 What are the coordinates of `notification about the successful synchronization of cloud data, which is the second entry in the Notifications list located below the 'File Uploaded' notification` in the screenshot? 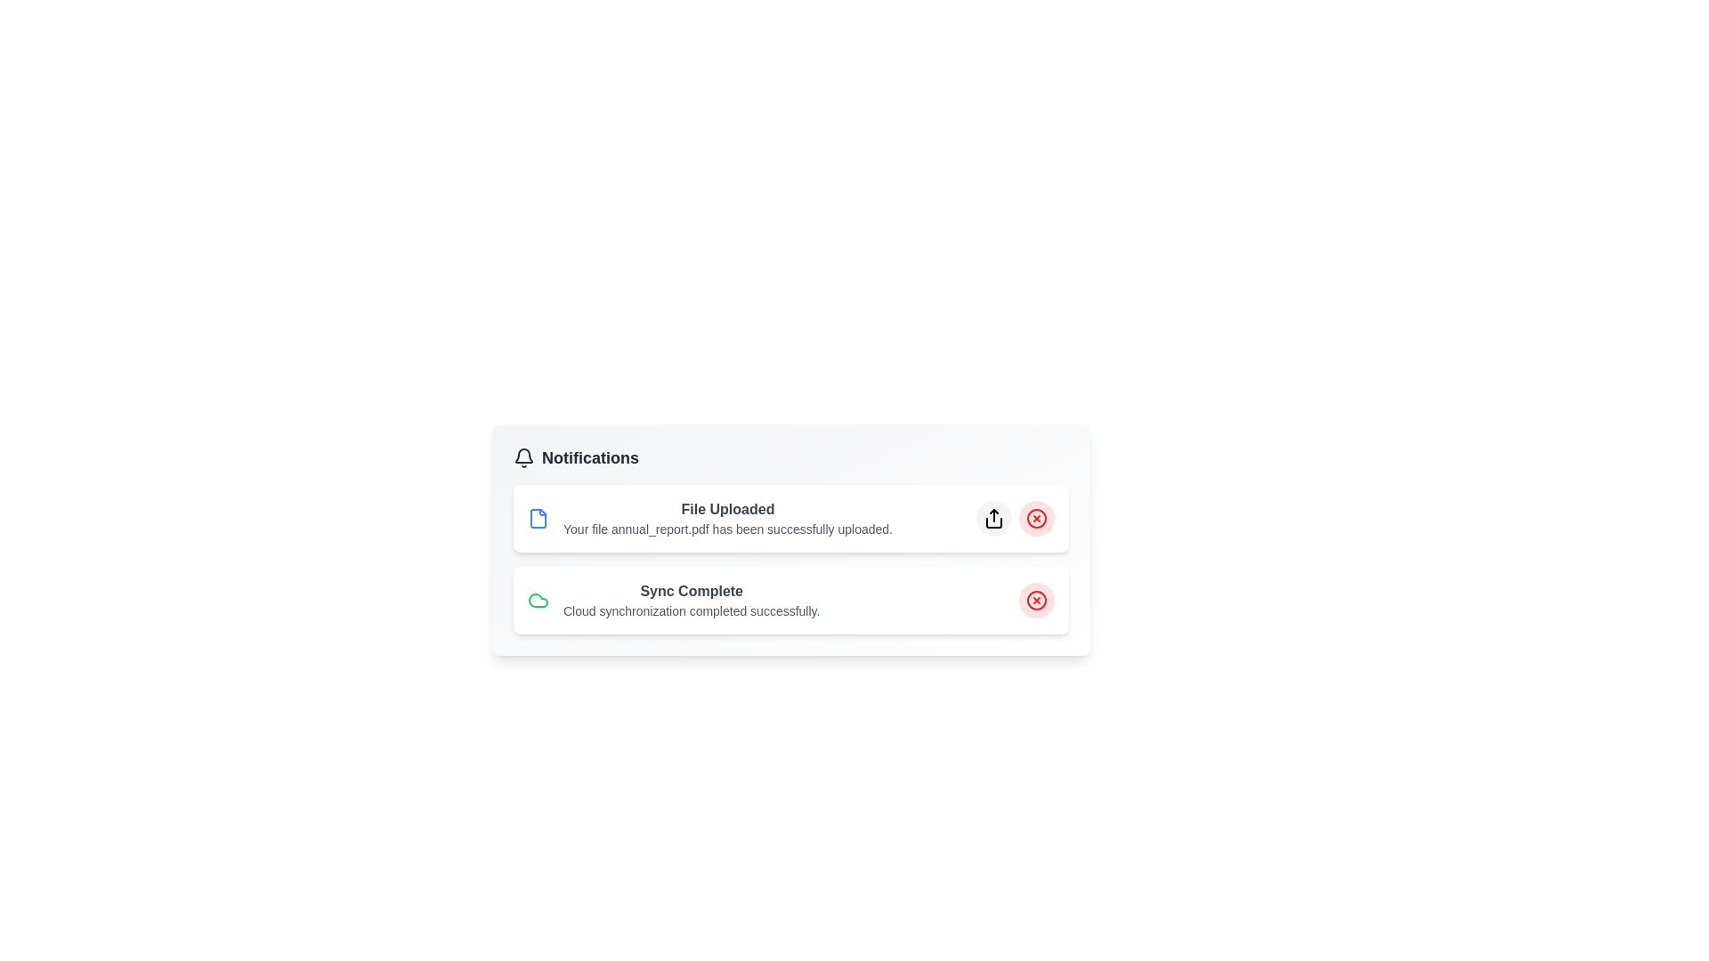 It's located at (673, 601).